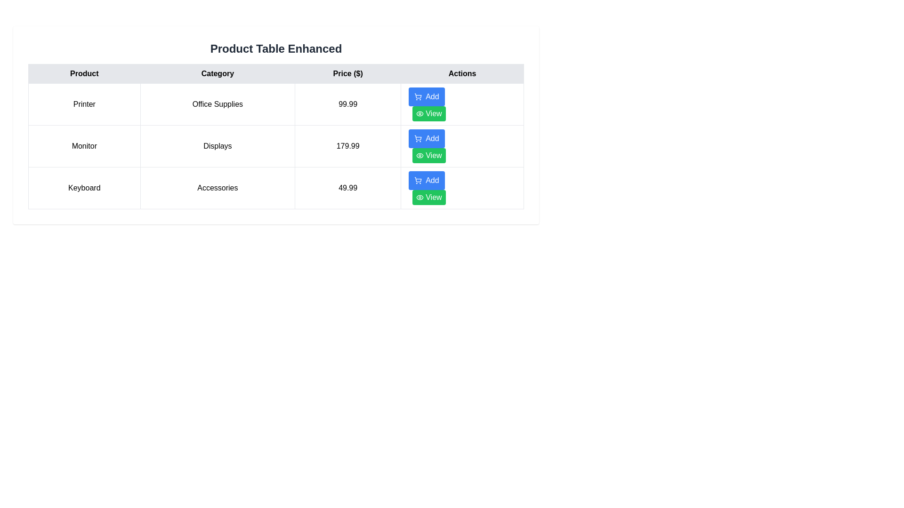 The width and height of the screenshot is (904, 508). I want to click on the 'Add' button with a shopping cart icon, so click(426, 138).